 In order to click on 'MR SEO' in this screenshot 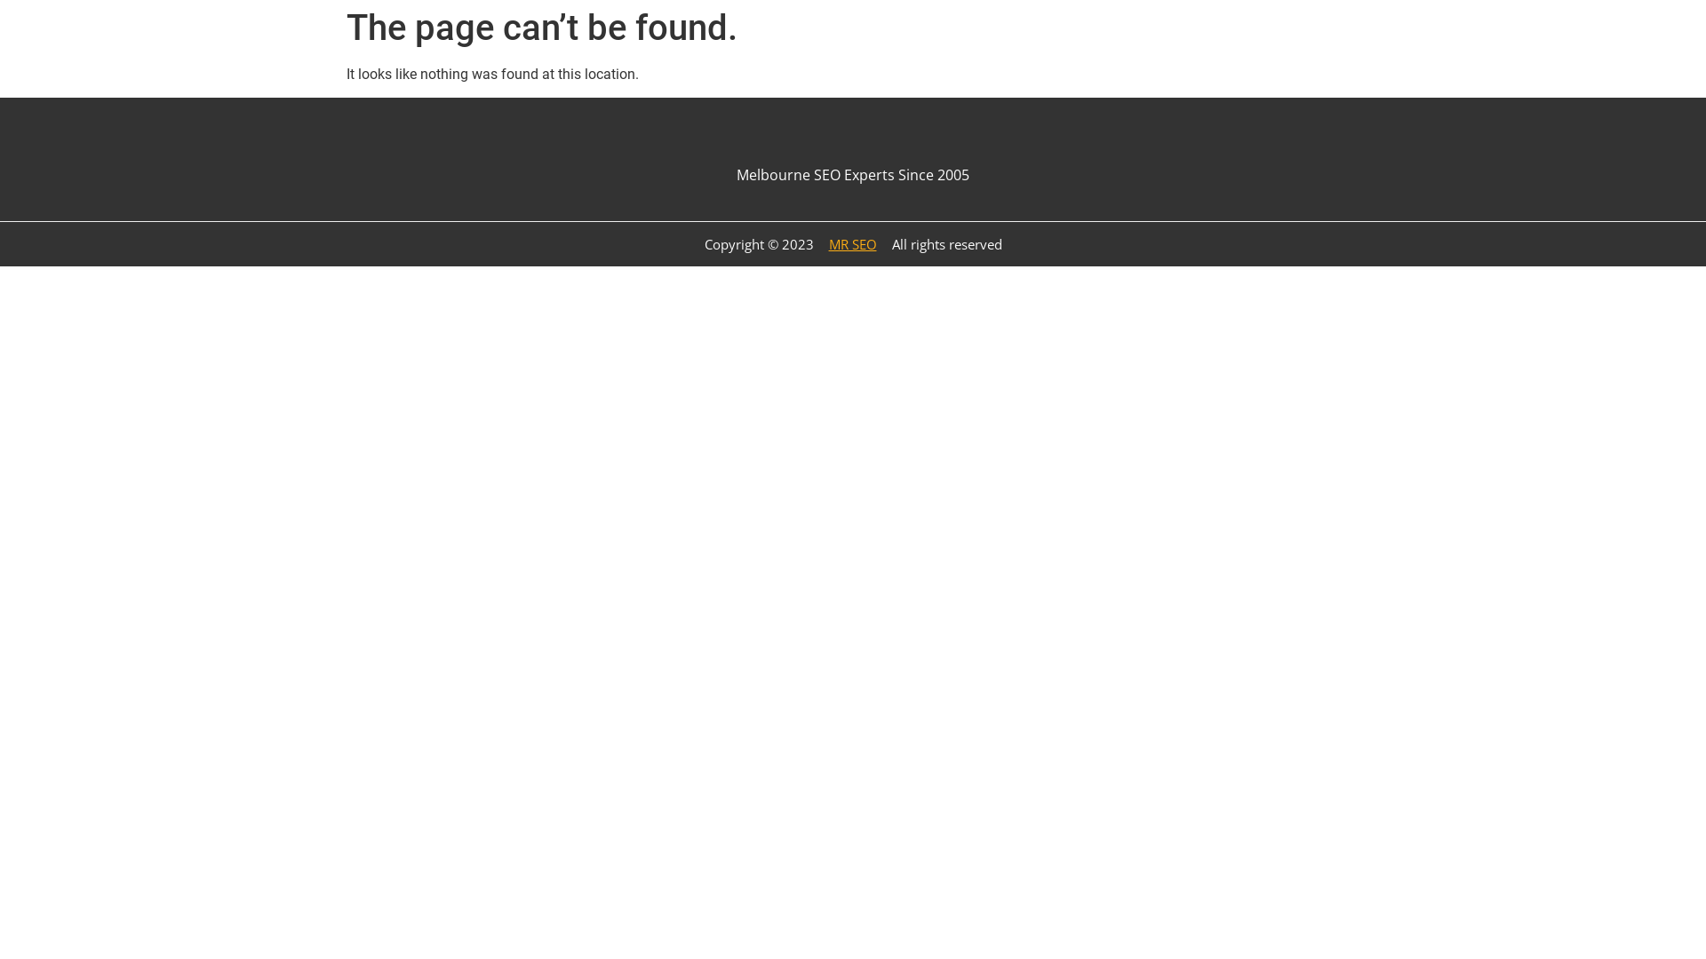, I will do `click(817, 243)`.